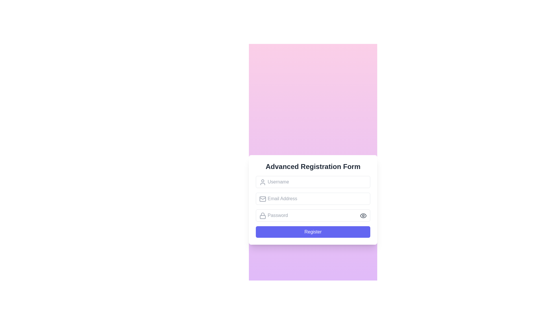 This screenshot has width=555, height=312. What do you see at coordinates (262, 217) in the screenshot?
I see `the rectangle with rounded corners that resembles the body of a lock, located next to the password input field in the registration form` at bounding box center [262, 217].